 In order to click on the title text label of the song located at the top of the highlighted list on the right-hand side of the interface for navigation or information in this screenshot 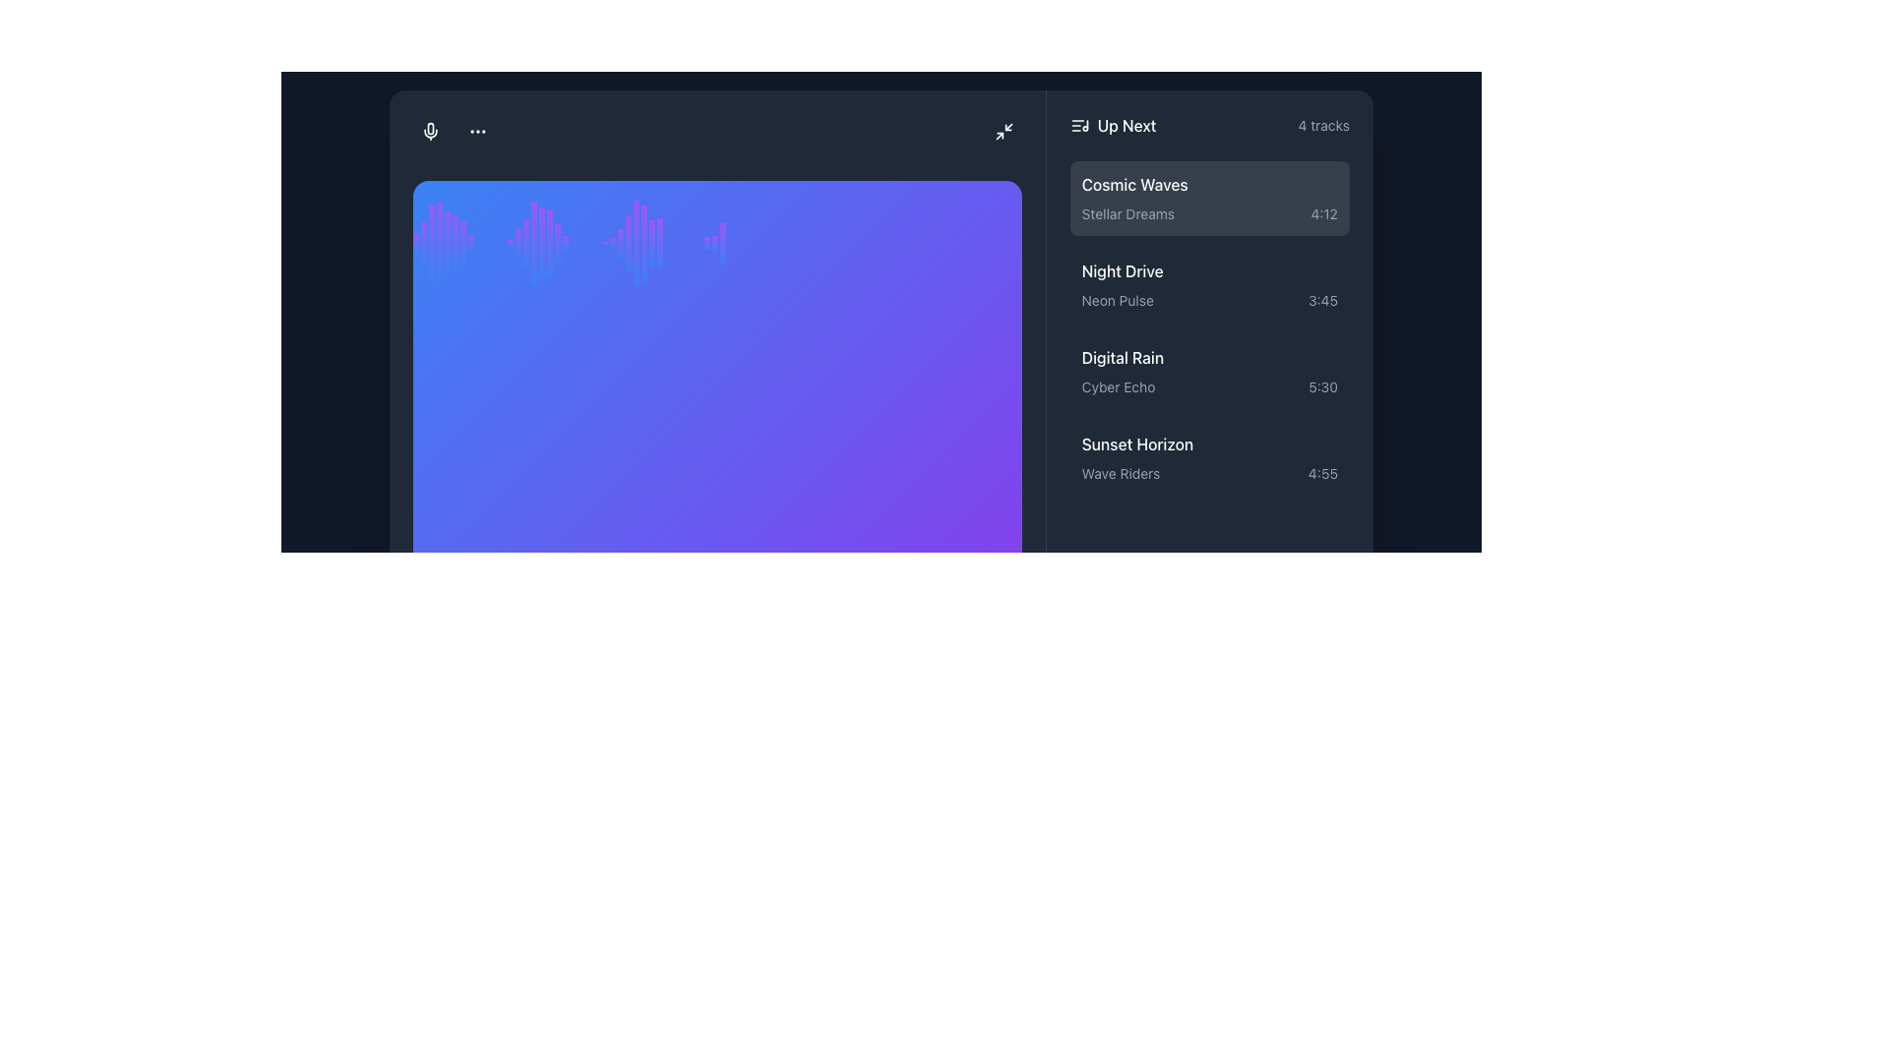, I will do `click(1134, 184)`.